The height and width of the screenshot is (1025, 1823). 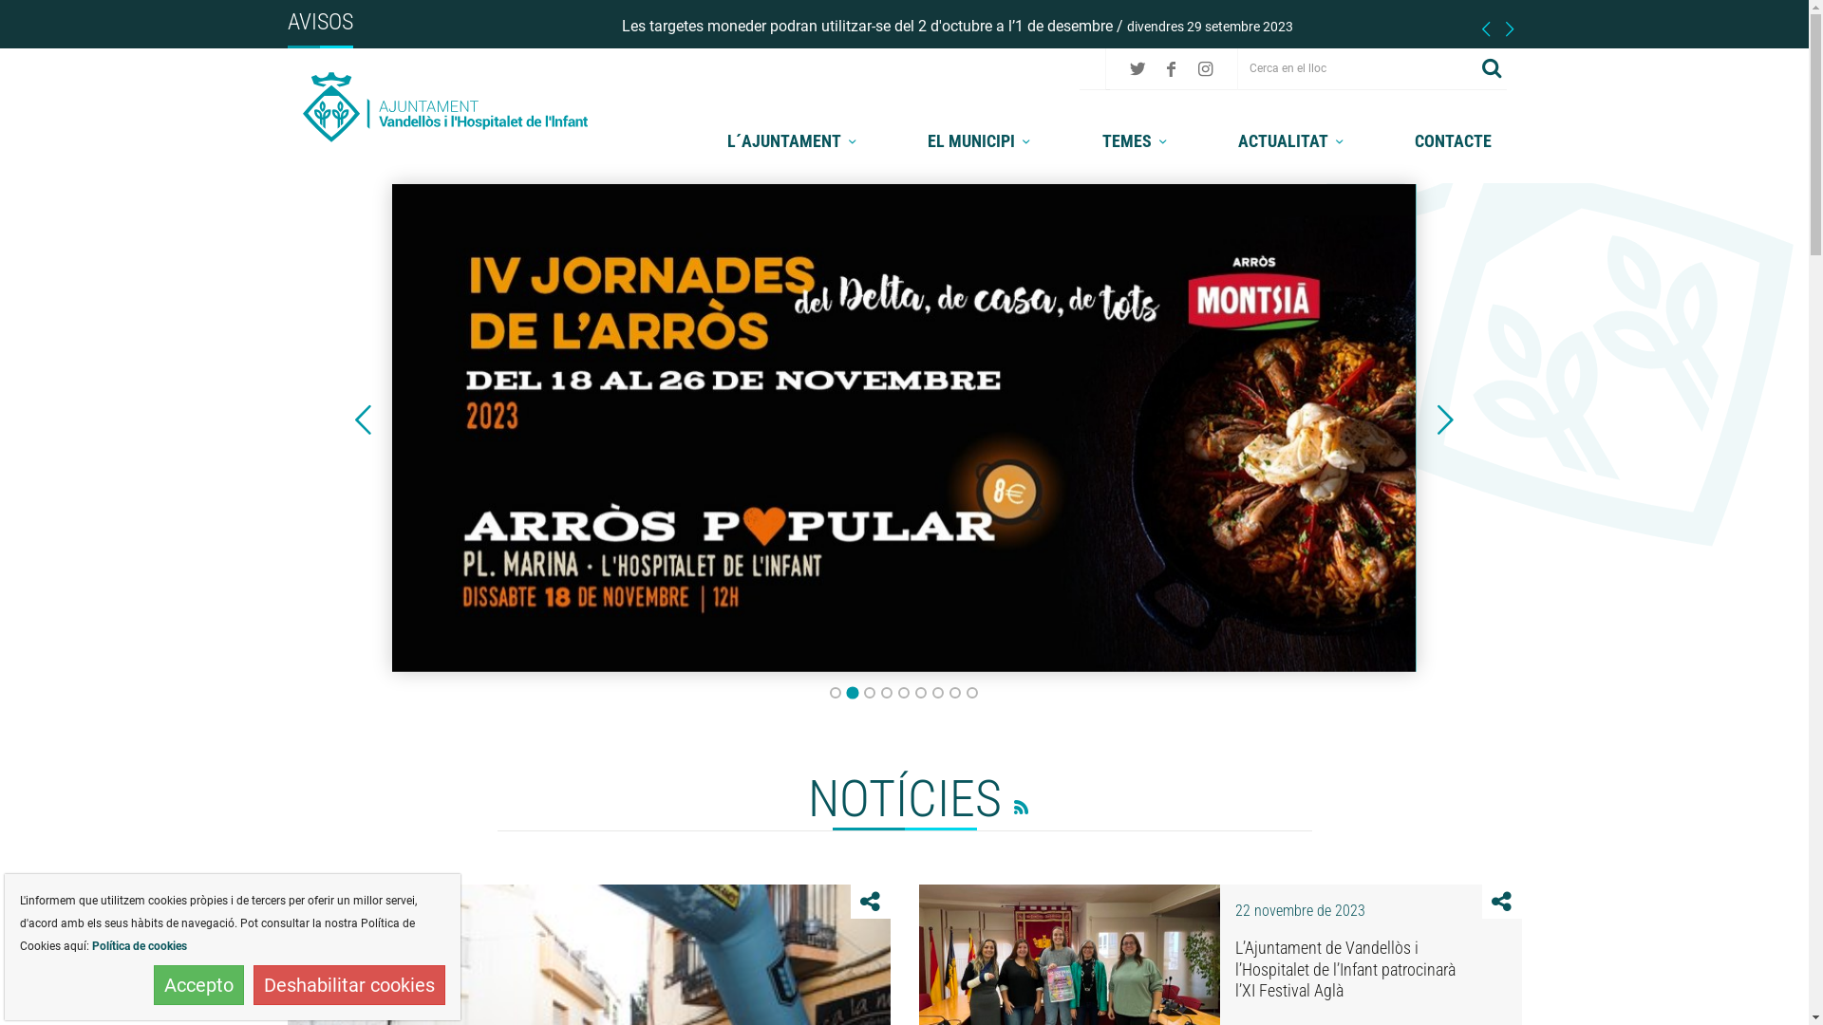 What do you see at coordinates (1357, 66) in the screenshot?
I see `'Cerca en el lloc'` at bounding box center [1357, 66].